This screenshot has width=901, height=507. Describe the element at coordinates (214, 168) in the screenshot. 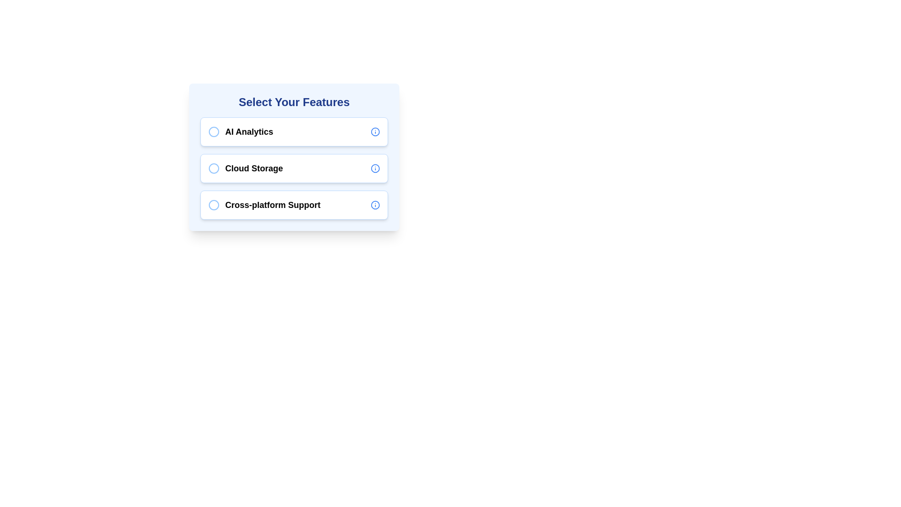

I see `the Circle icon` at that location.